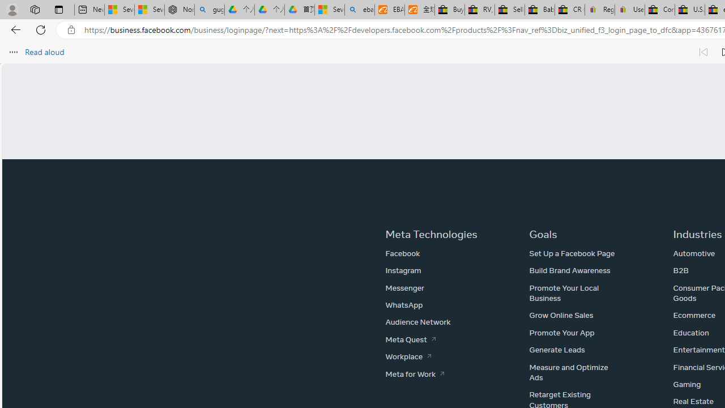 The height and width of the screenshot is (408, 725). What do you see at coordinates (404, 304) in the screenshot?
I see `'WhatsApp'` at bounding box center [404, 304].